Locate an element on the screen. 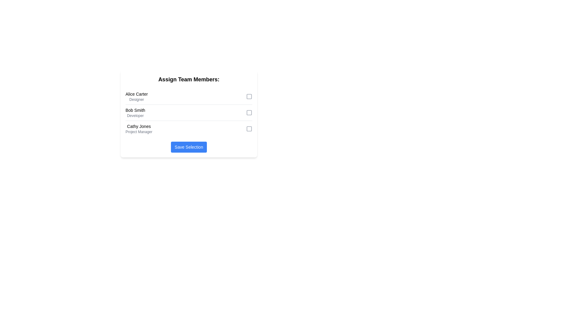 This screenshot has width=585, height=329. the checkbox-like UI element for Alice Carter, the Designer, located is located at coordinates (249, 96).